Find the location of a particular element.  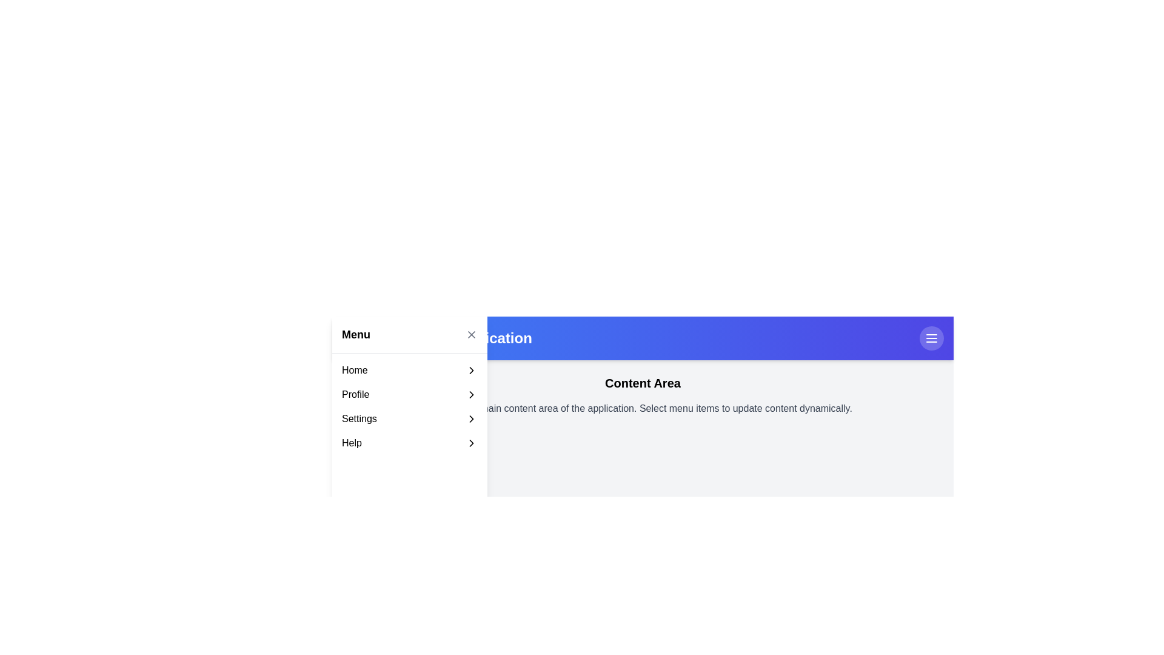

the third text label under the 'Menu' sidebar is located at coordinates (358, 418).